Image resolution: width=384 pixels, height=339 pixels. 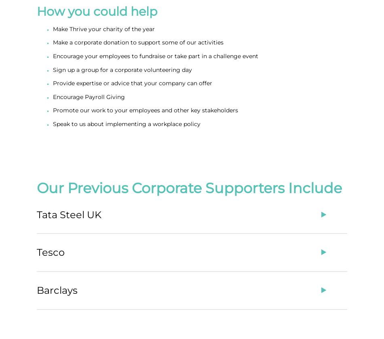 What do you see at coordinates (51, 252) in the screenshot?
I see `'Tesco'` at bounding box center [51, 252].